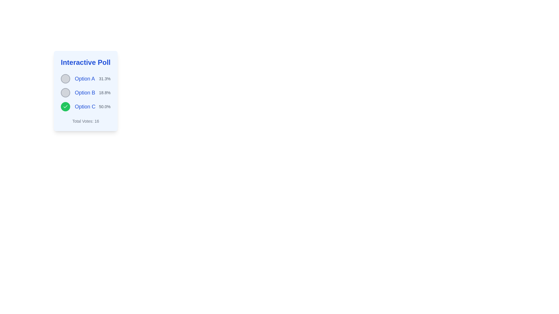  I want to click on the text label displaying 'Option B', which is styled in blue and bold, located in the voting panel, so click(85, 92).